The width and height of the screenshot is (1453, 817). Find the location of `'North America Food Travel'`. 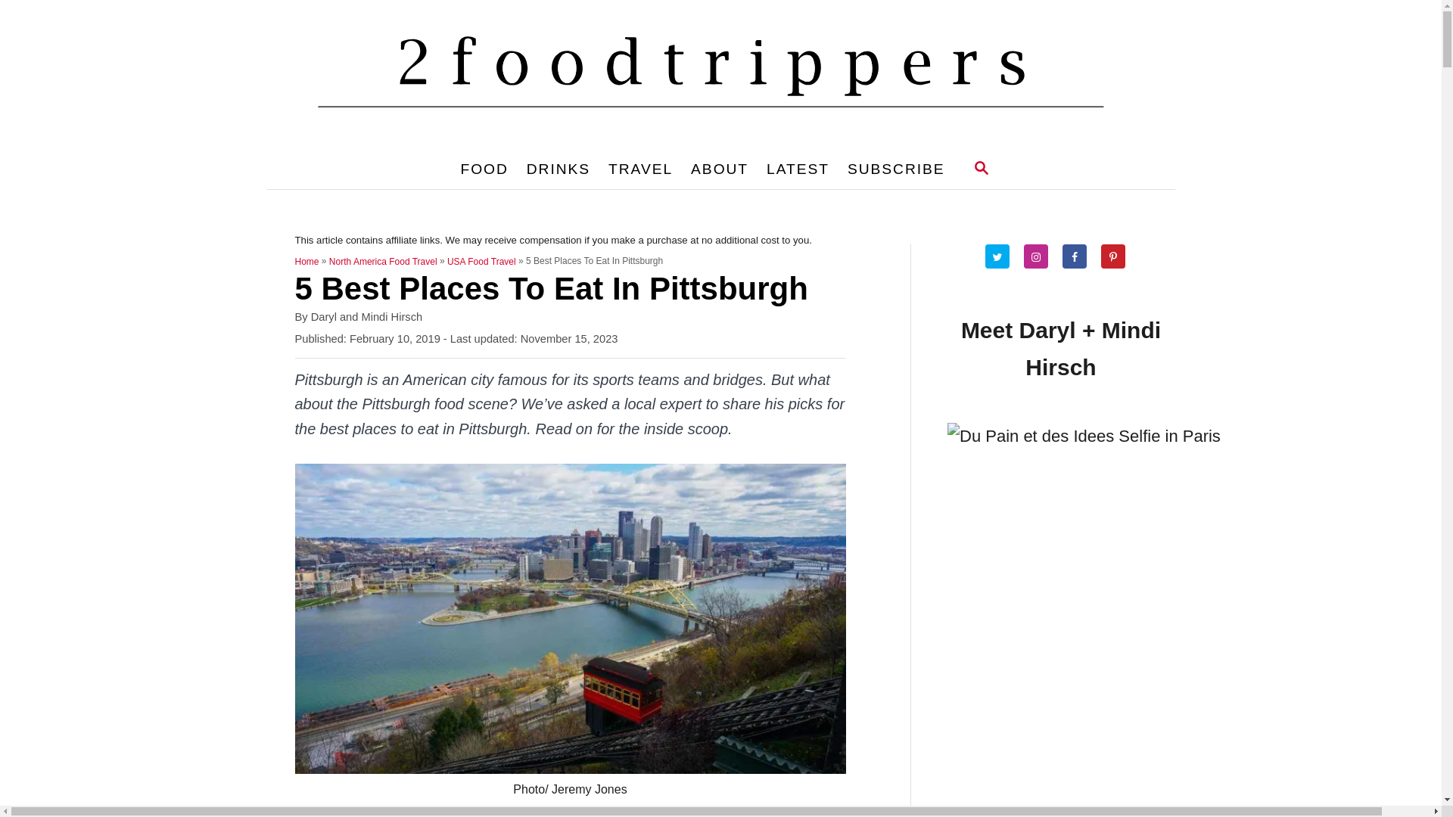

'North America Food Travel' is located at coordinates (383, 261).